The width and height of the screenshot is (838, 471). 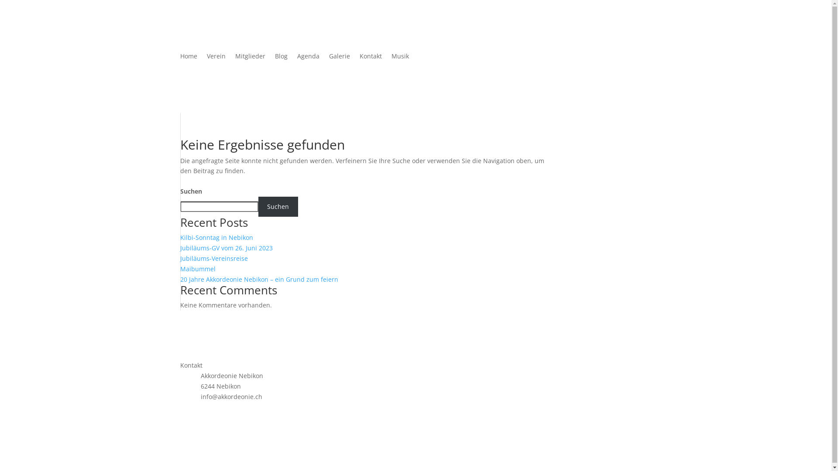 I want to click on 'Musik', so click(x=399, y=58).